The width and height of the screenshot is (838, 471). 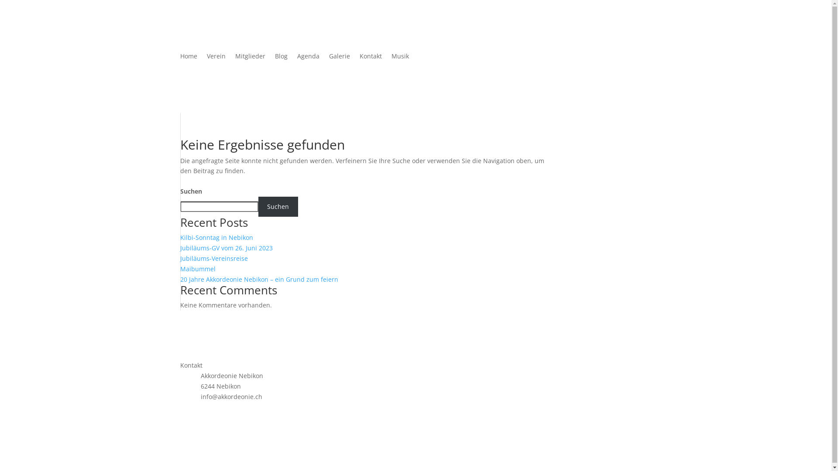 I want to click on 'Musik', so click(x=399, y=58).